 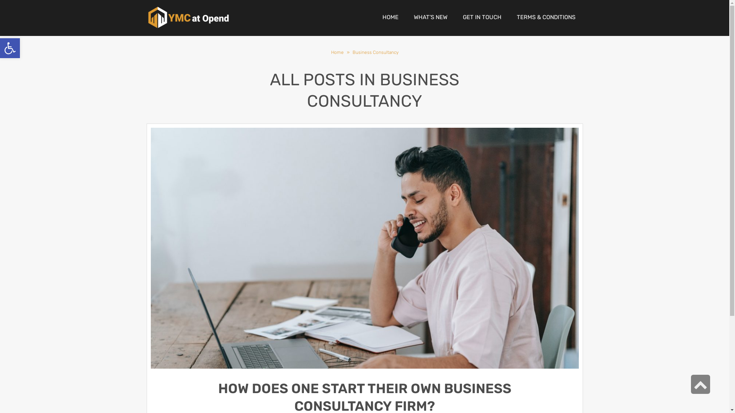 I want to click on 'Open toolbar, so click(x=10, y=48).